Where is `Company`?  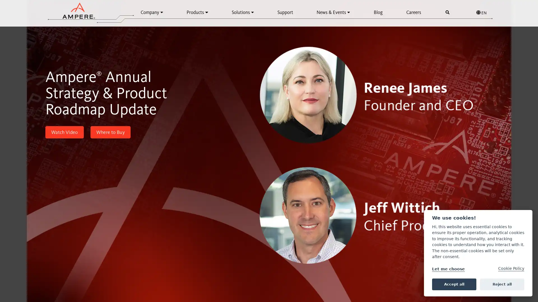 Company is located at coordinates (152, 12).